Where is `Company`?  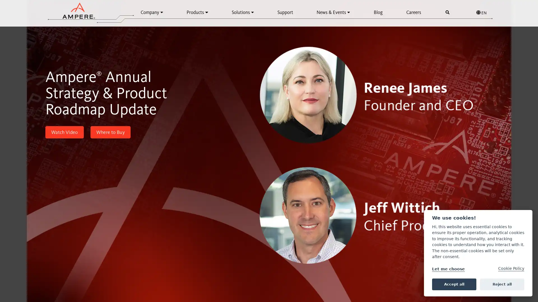 Company is located at coordinates (152, 12).